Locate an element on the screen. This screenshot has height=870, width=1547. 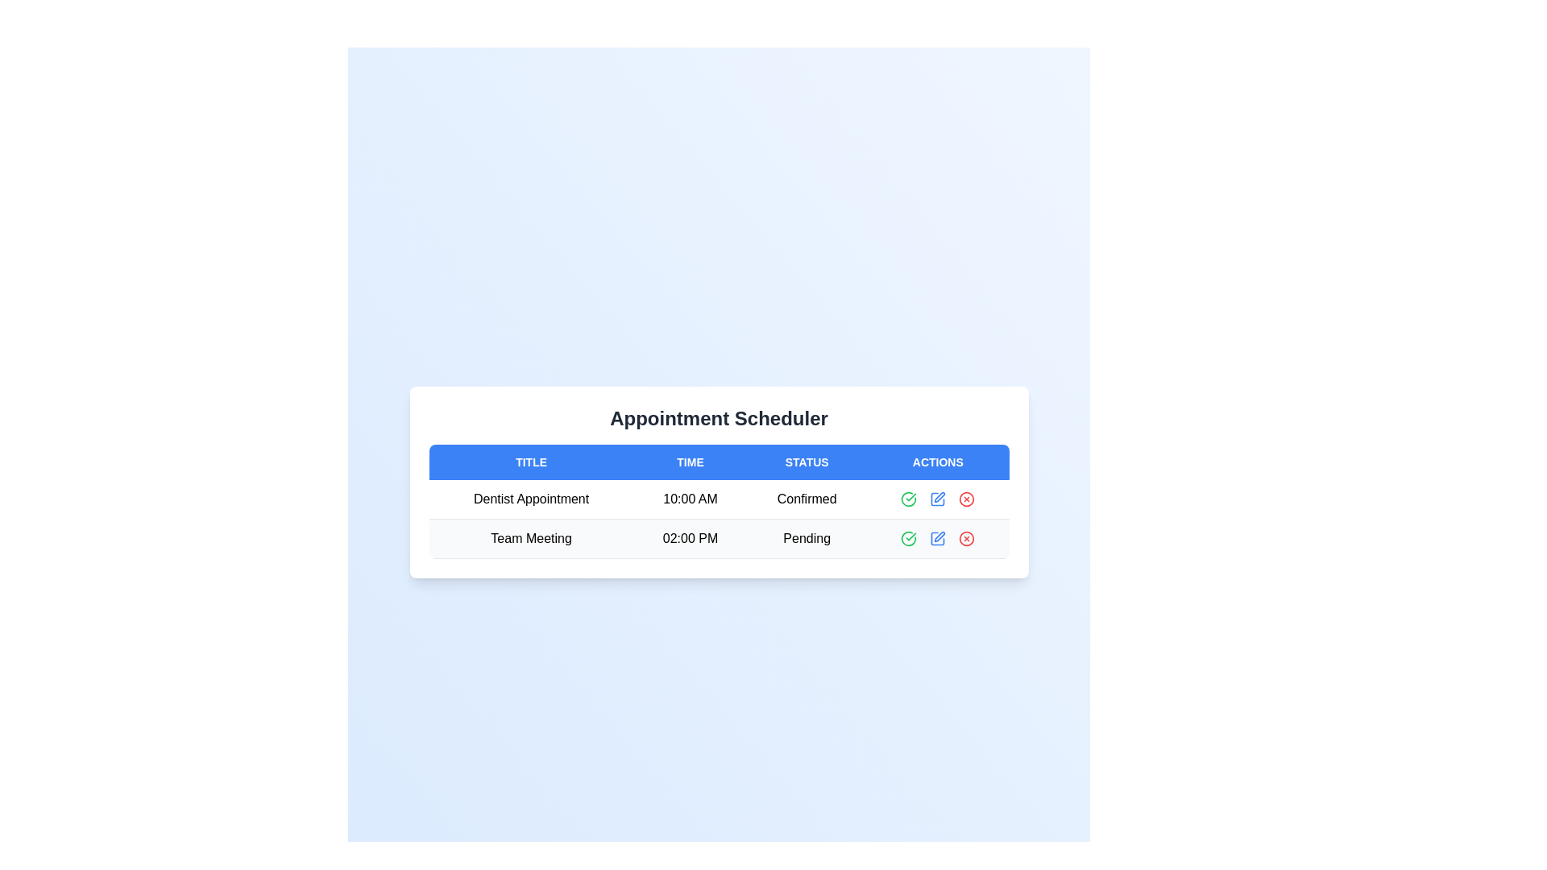
the central table element within the 'Appointment Scheduler' card is located at coordinates (718, 501).